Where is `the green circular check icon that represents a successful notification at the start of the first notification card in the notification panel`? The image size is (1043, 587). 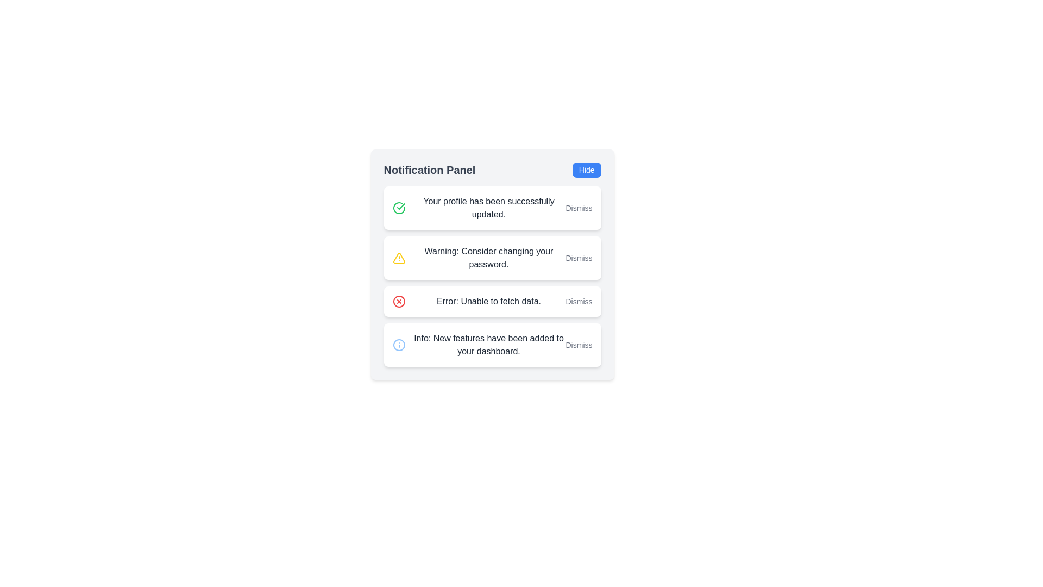
the green circular check icon that represents a successful notification at the start of the first notification card in the notification panel is located at coordinates (398, 207).